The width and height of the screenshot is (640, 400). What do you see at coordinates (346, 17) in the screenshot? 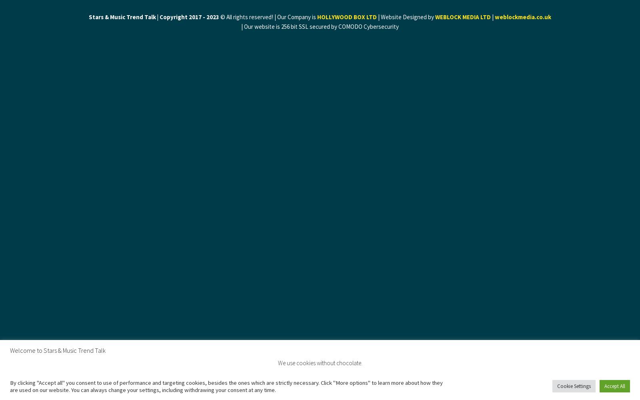
I see `'HOLLYWOOD BOX LTD'` at bounding box center [346, 17].